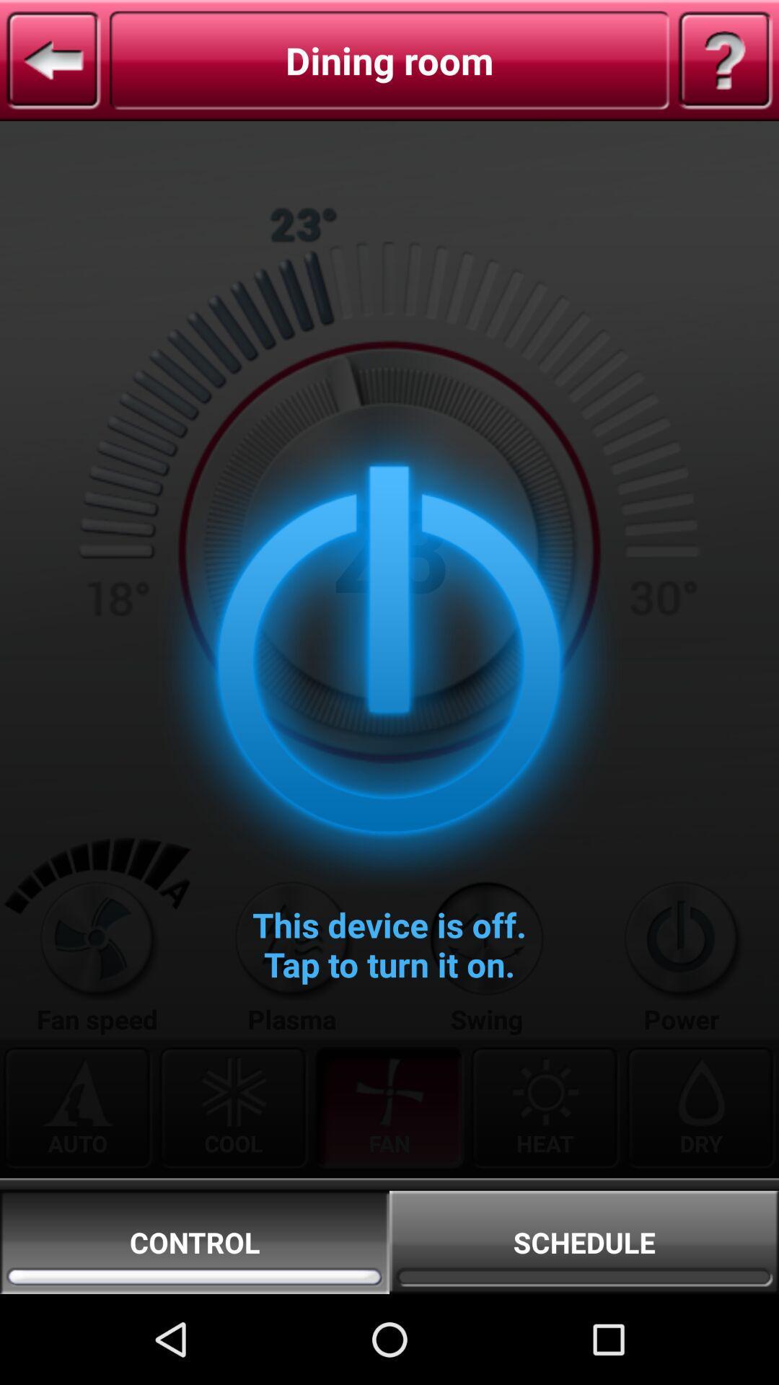 This screenshot has width=779, height=1385. I want to click on the star icon, so click(97, 1003).